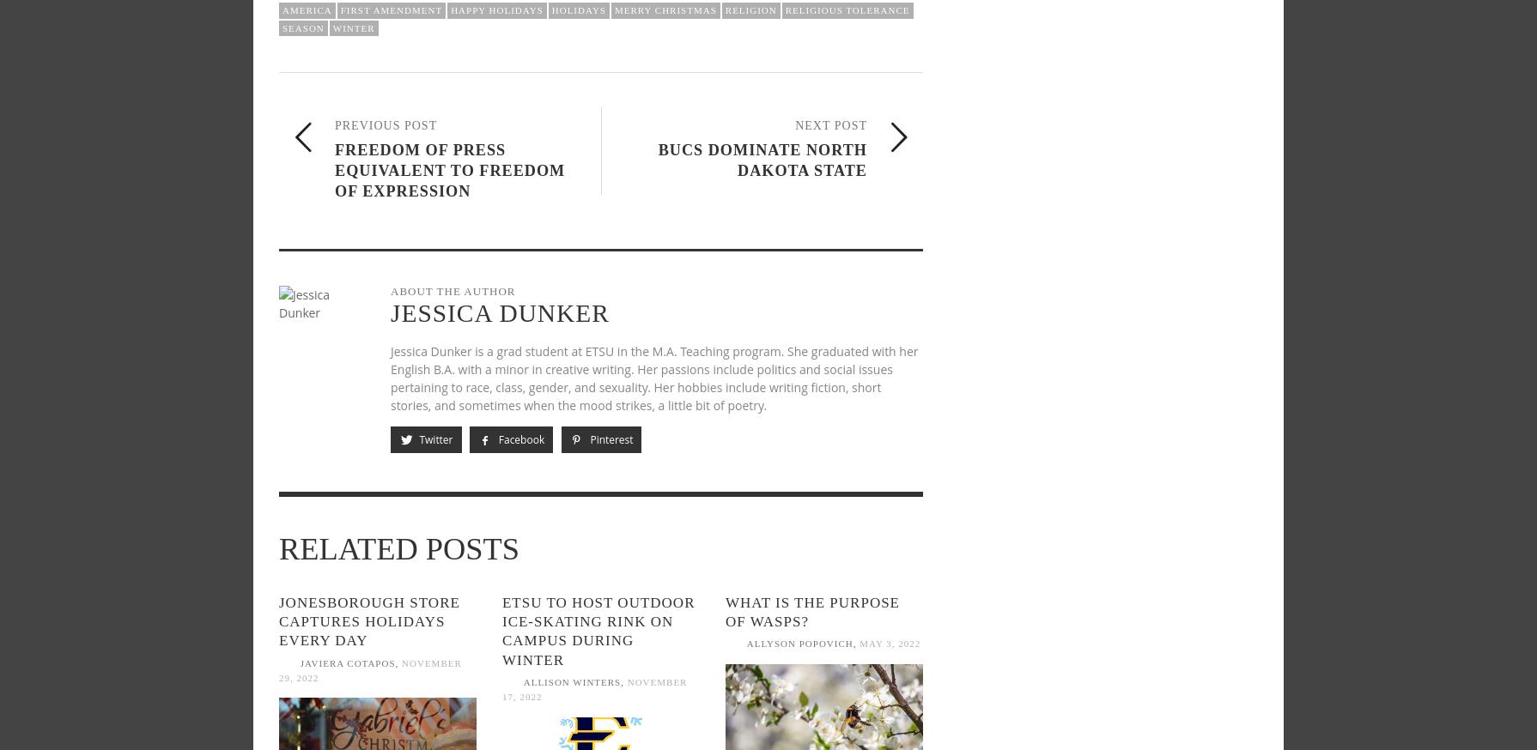 The width and height of the screenshot is (1537, 750). What do you see at coordinates (368, 621) in the screenshot?
I see `'Jonesborough store captures holidays every day'` at bounding box center [368, 621].